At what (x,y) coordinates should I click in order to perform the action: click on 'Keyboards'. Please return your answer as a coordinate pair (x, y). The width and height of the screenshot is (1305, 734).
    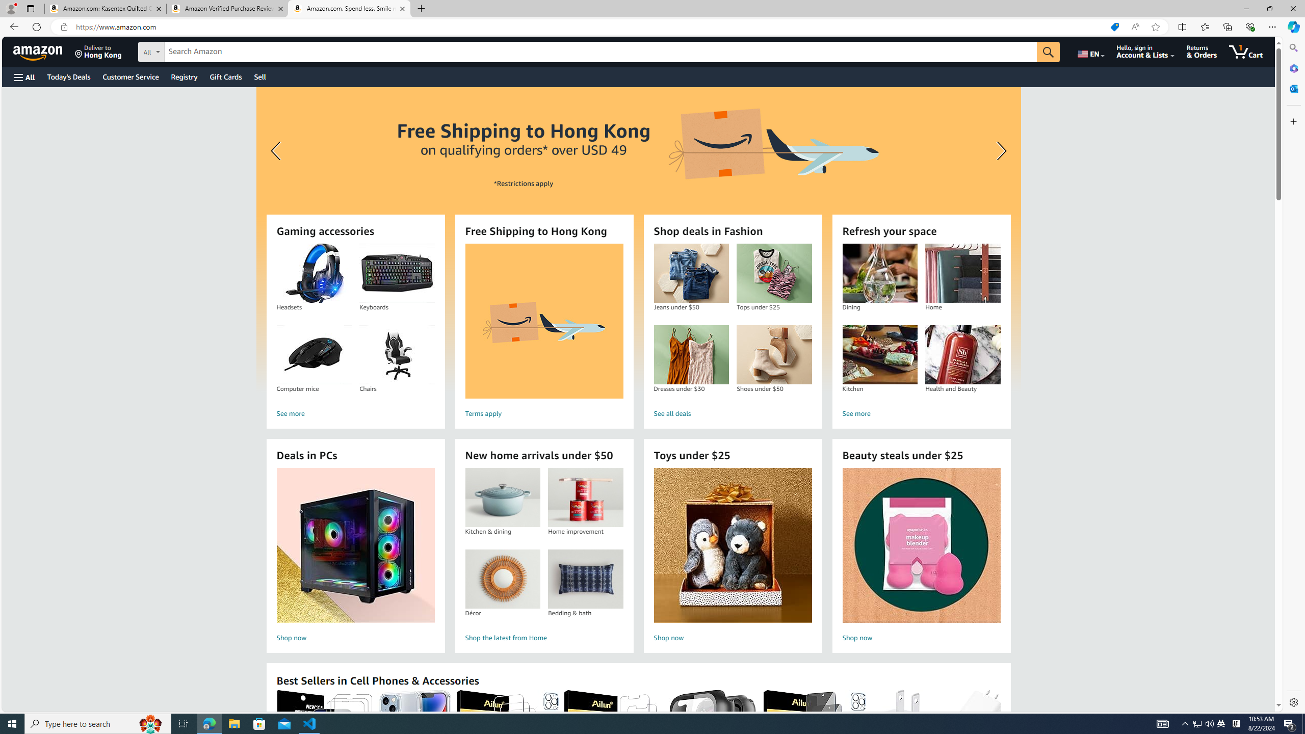
    Looking at the image, I should click on (397, 273).